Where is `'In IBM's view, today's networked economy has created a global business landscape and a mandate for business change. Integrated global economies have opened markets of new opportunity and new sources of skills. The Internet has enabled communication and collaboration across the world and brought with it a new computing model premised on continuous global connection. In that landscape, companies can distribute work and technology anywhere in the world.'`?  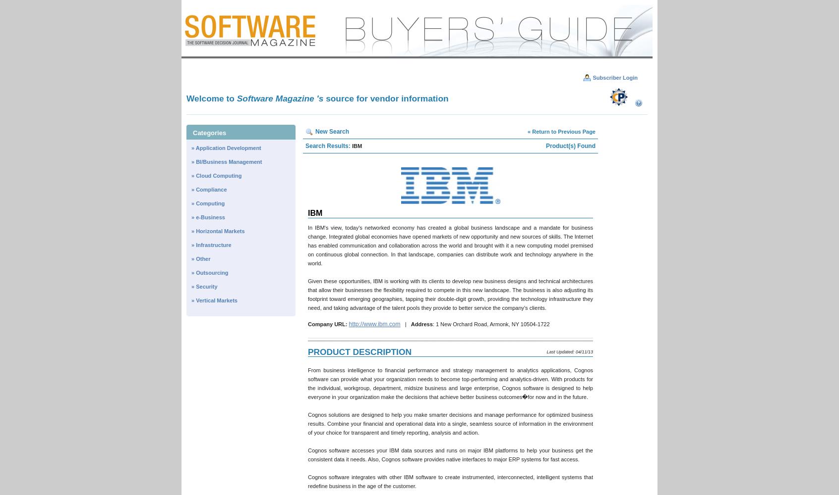
'In IBM's view, today's networked economy has created a global business landscape and a mandate for business change. Integrated global economies have opened markets of new opportunity and new sources of skills. The Internet has enabled communication and collaboration across the world and brought with it a new computing model premised on continuous global connection. In that landscape, companies can distribute work and technology anywhere in the world.' is located at coordinates (450, 245).